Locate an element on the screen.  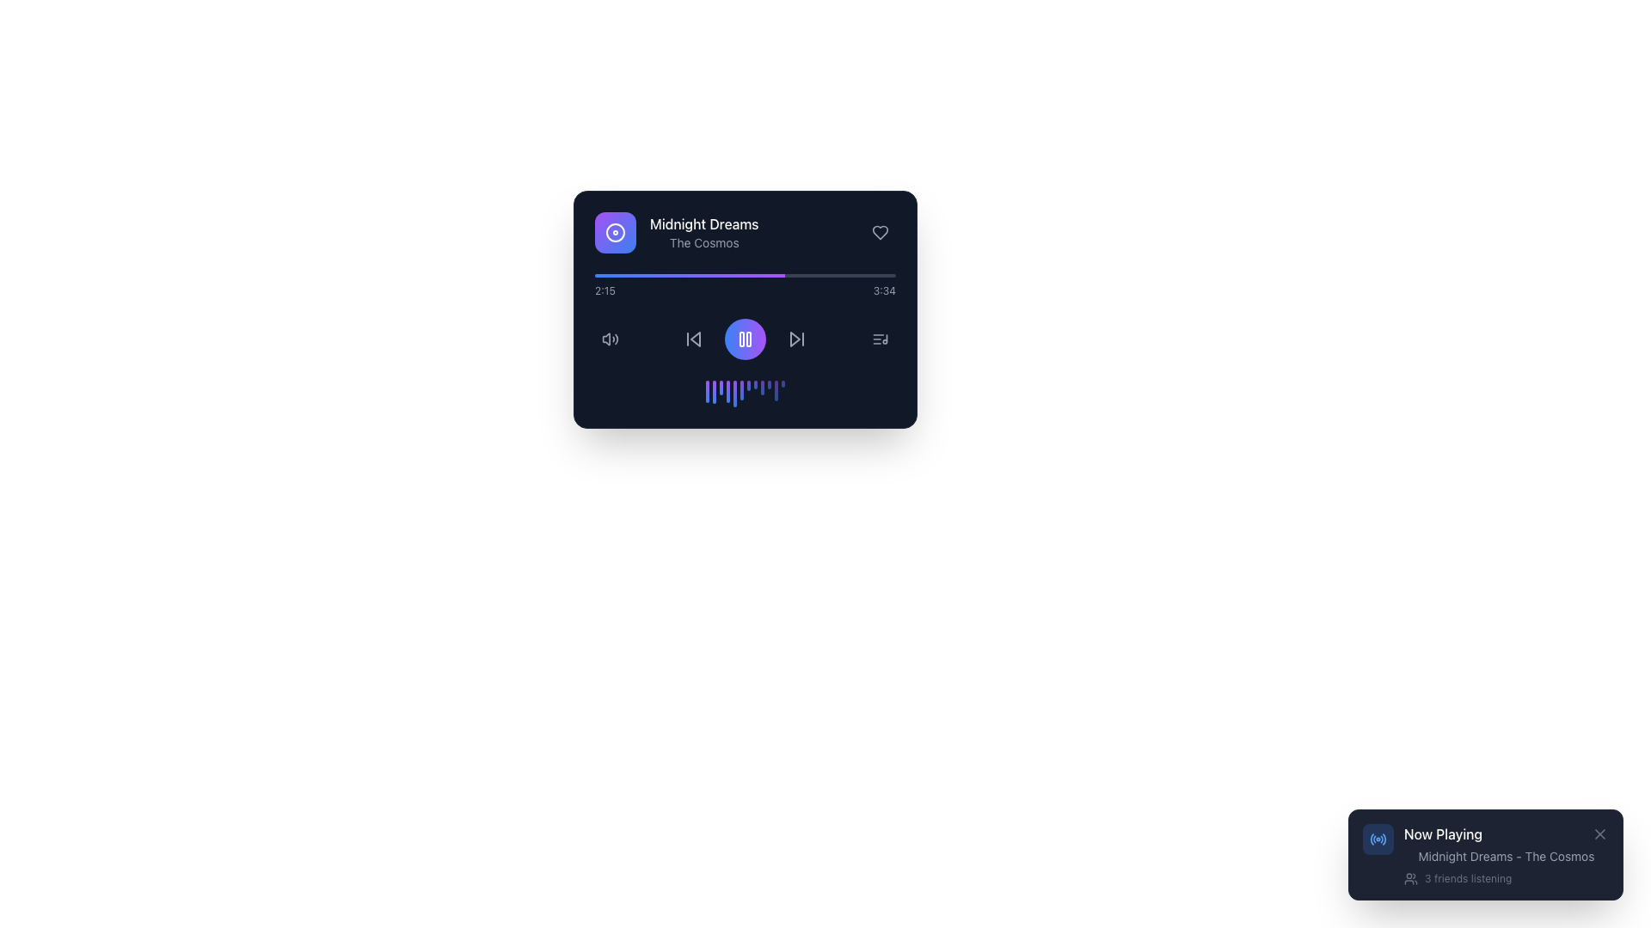
the skip-back button, which is the second control from the left is located at coordinates (693, 339).